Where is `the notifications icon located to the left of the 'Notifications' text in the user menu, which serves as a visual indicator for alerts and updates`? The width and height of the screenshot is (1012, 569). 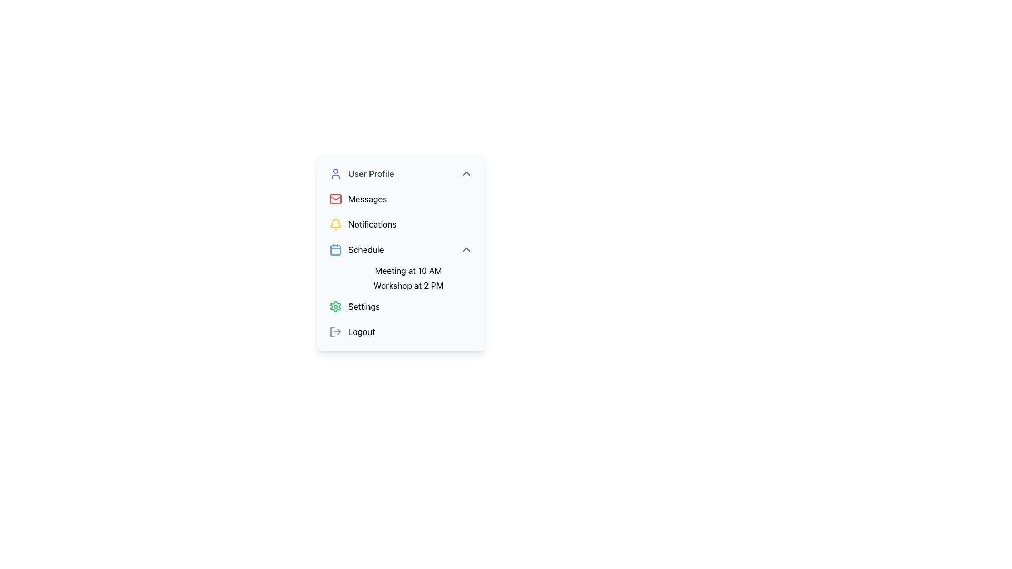 the notifications icon located to the left of the 'Notifications' text in the user menu, which serves as a visual indicator for alerts and updates is located at coordinates (335, 223).